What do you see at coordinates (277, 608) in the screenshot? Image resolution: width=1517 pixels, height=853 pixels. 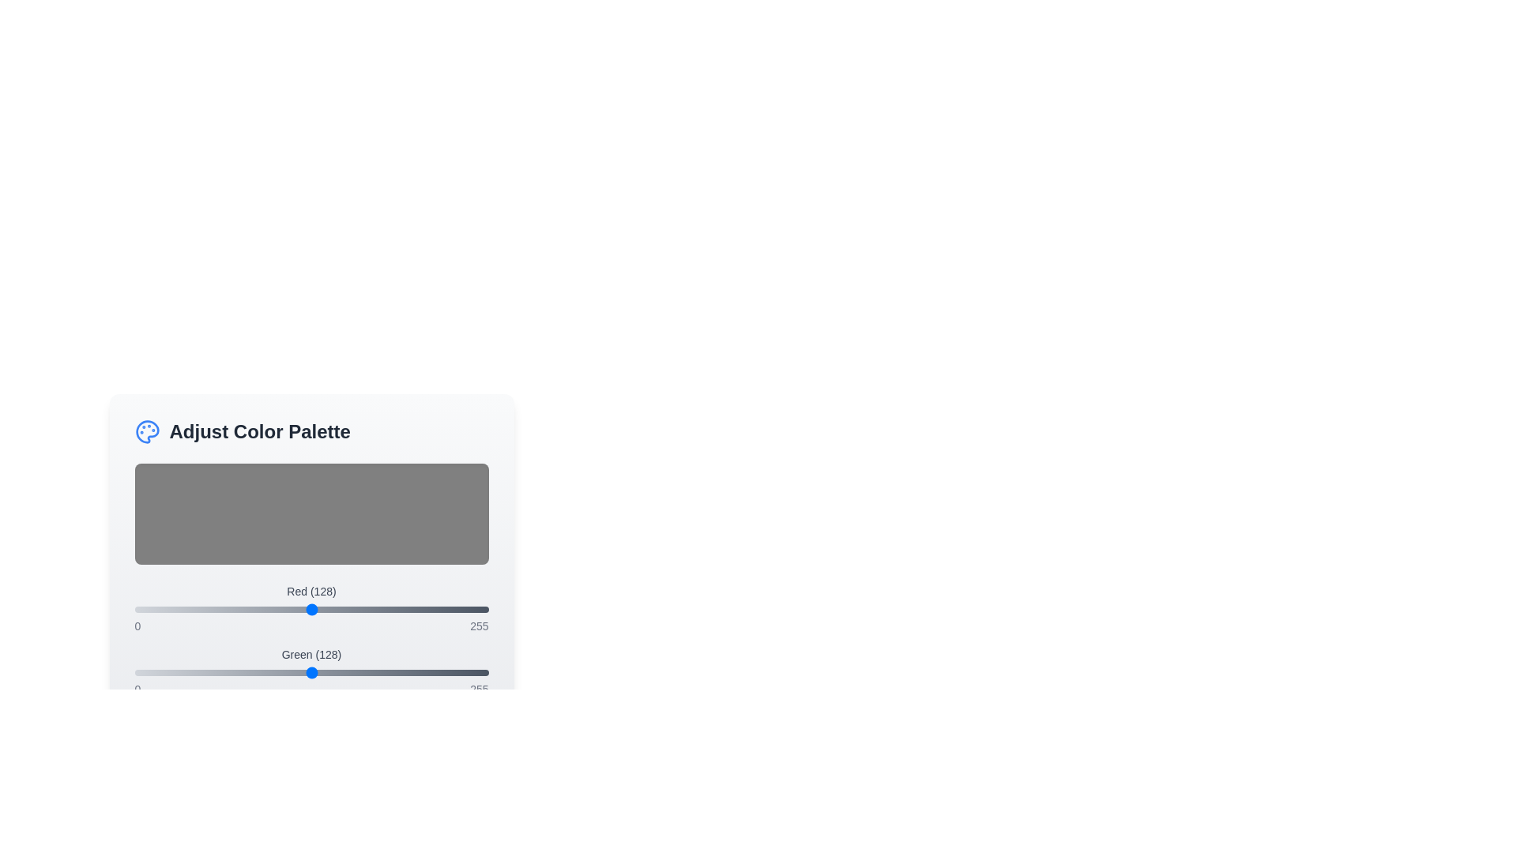 I see `the red color slider to 103` at bounding box center [277, 608].